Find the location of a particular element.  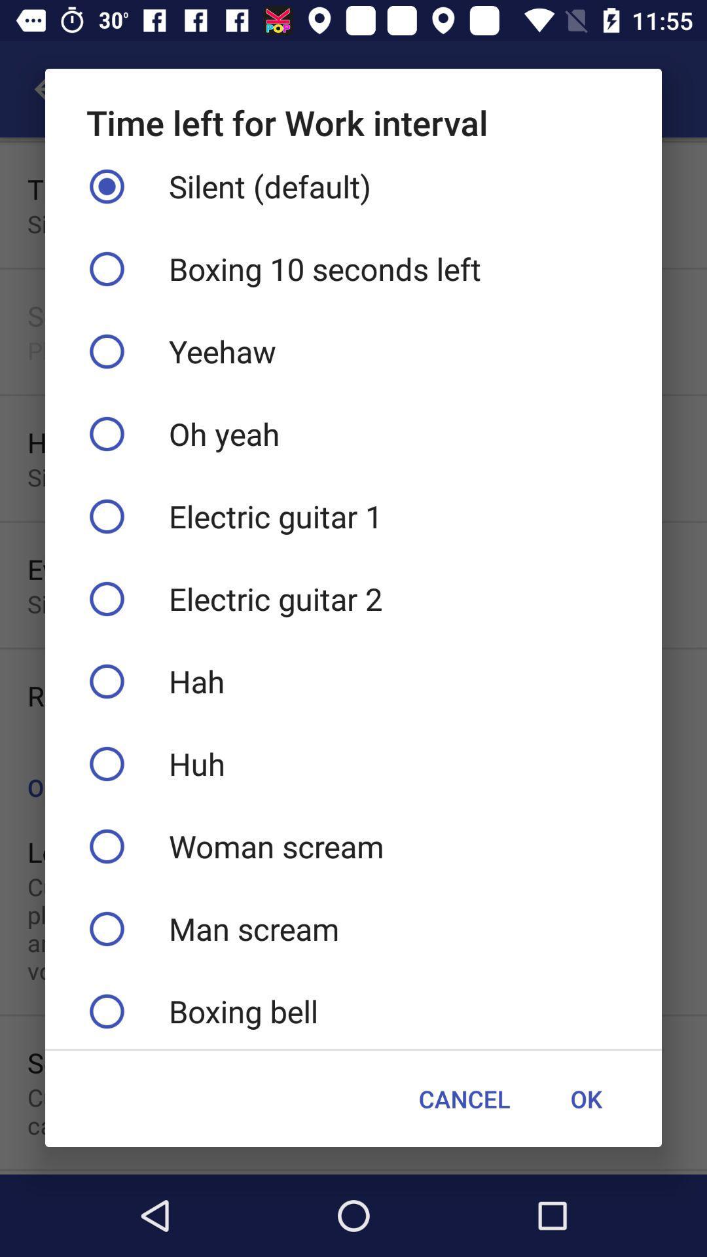

the item below boxing bell is located at coordinates (585, 1099).